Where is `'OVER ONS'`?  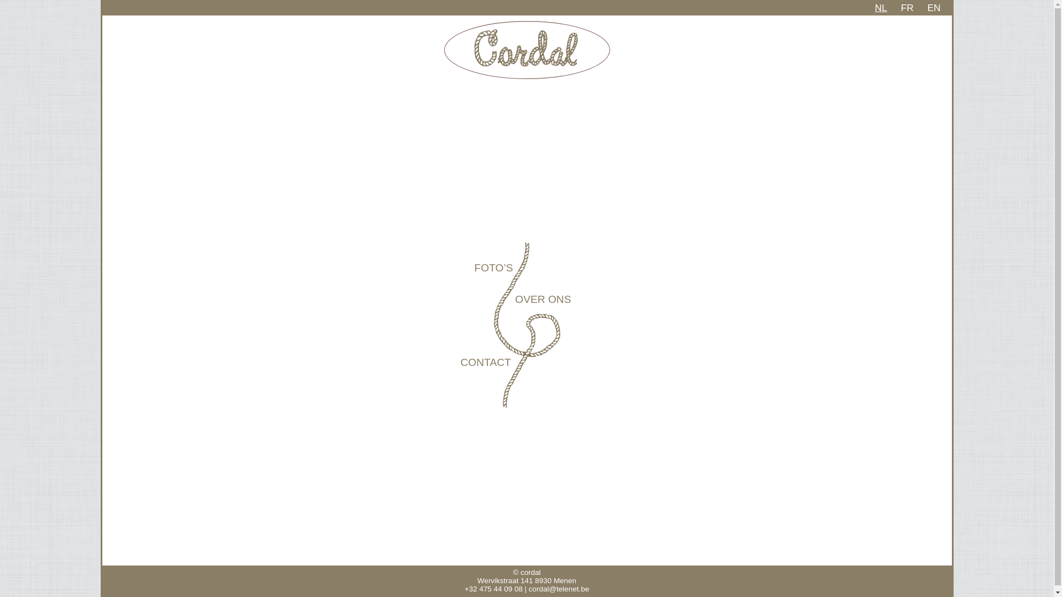 'OVER ONS' is located at coordinates (543, 299).